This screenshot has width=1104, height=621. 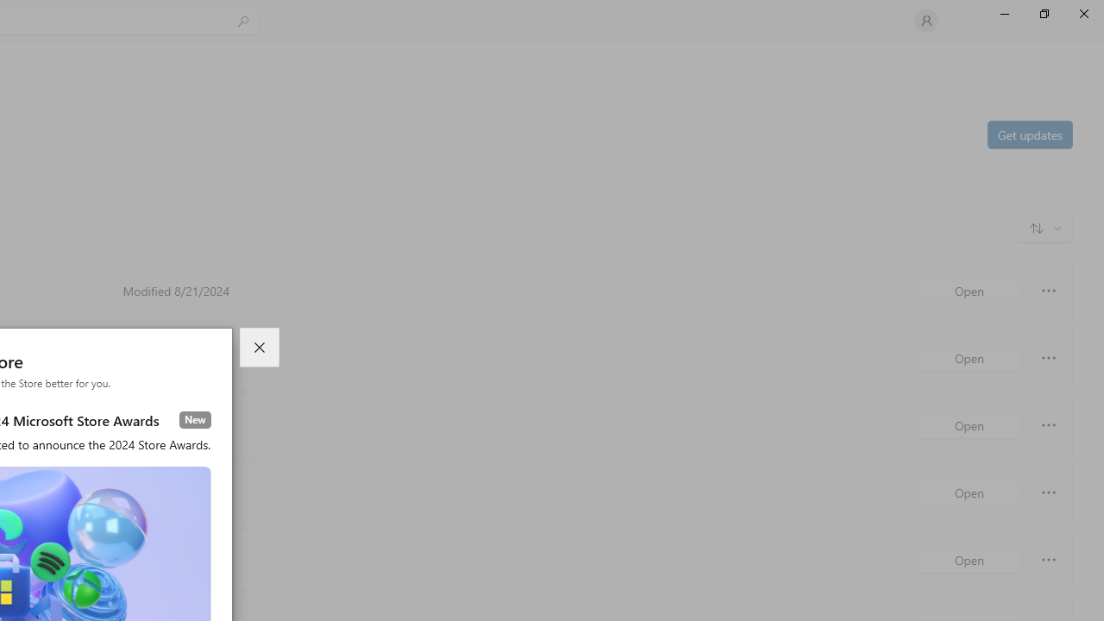 I want to click on 'Get updates', so click(x=1029, y=133).